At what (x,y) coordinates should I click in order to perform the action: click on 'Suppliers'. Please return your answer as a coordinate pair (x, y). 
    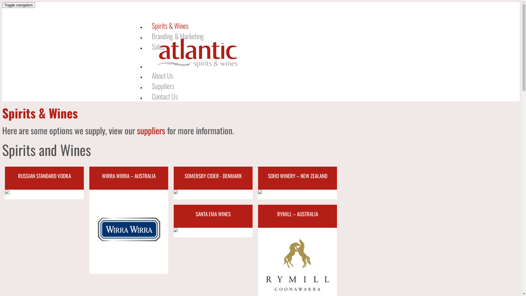
    Looking at the image, I should click on (145, 86).